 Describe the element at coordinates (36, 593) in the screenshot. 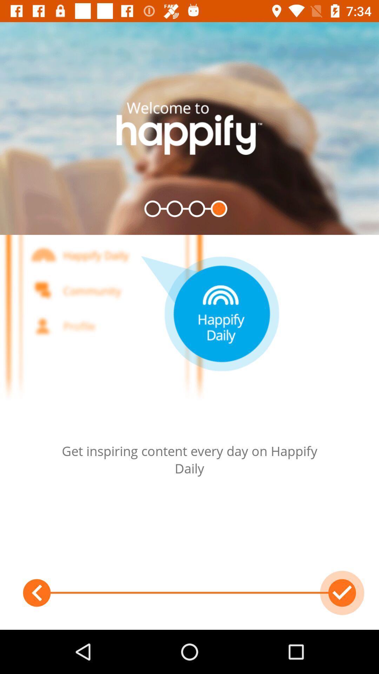

I see `the arrow_backward icon` at that location.